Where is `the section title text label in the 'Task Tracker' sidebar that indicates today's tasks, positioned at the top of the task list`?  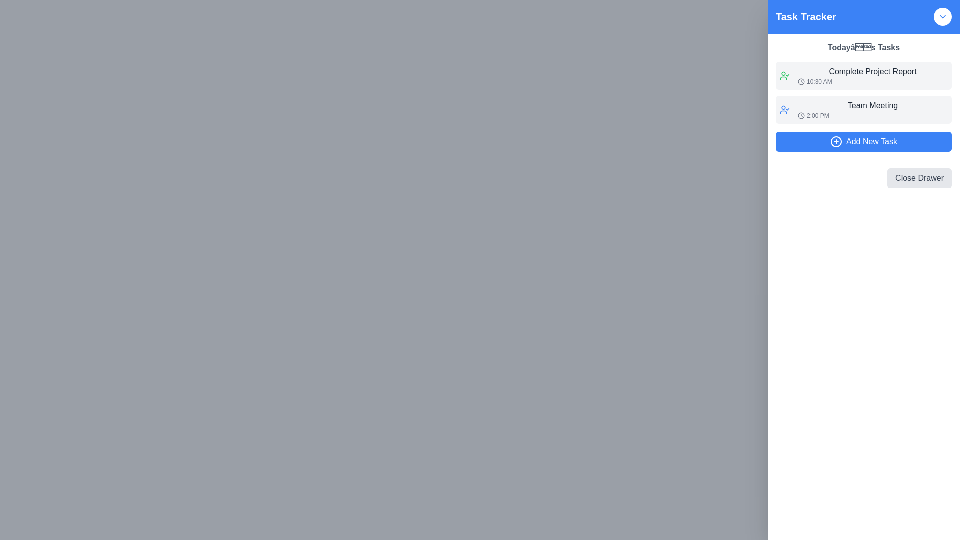 the section title text label in the 'Task Tracker' sidebar that indicates today's tasks, positioned at the top of the task list is located at coordinates (863, 48).